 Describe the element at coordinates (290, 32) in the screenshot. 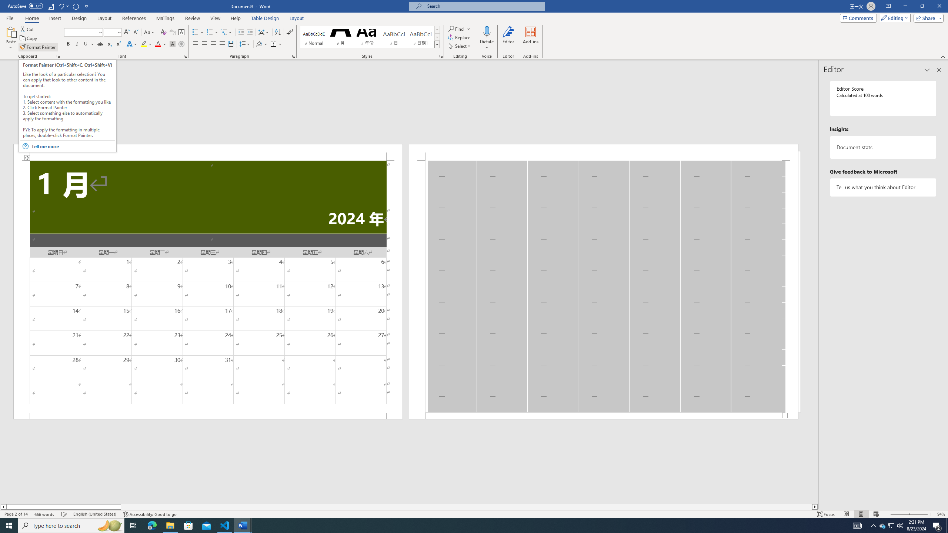

I see `'Show/Hide Editing Marks'` at that location.